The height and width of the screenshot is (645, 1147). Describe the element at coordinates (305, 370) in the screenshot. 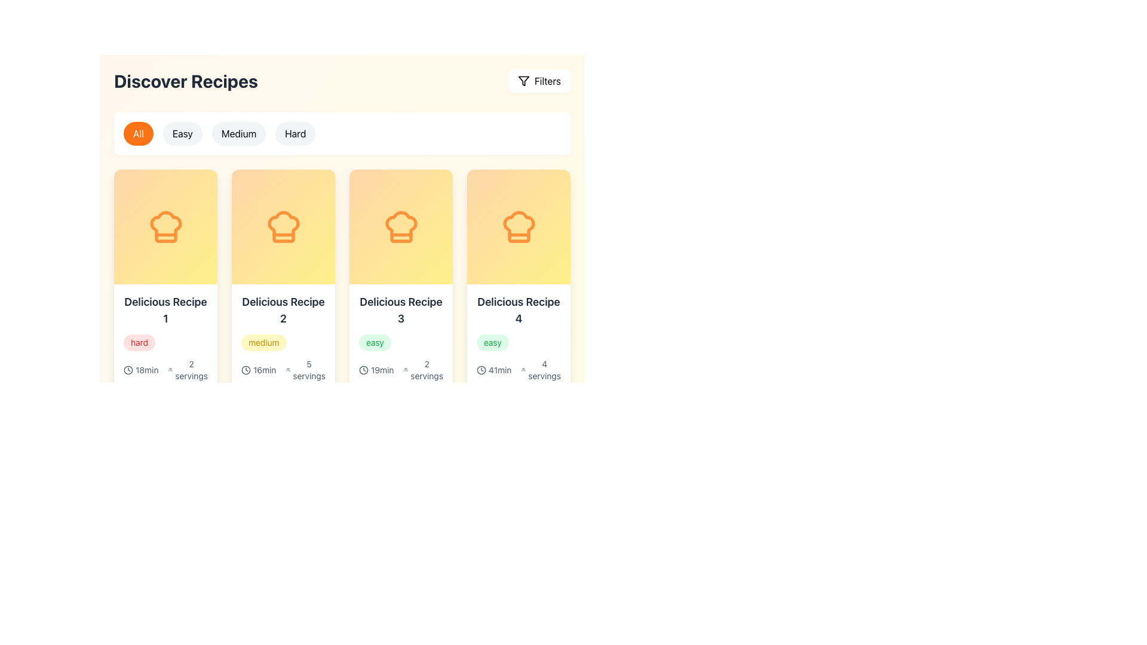

I see `the Label with Icon that indicates the number of servings expected for the associated recipe, positioned beneath the '16min' text in the grid layout` at that location.